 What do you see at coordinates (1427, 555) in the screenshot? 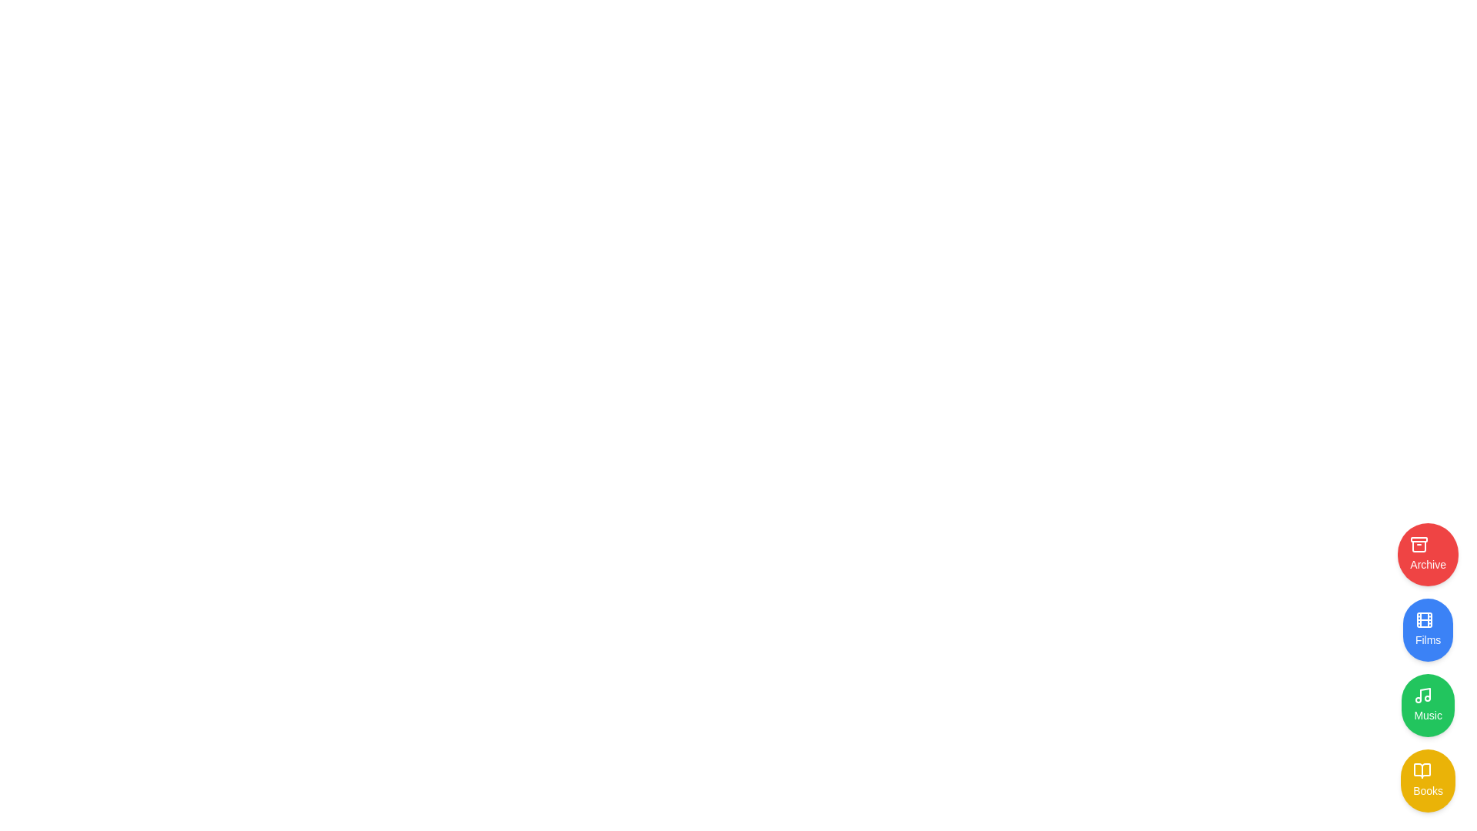
I see `the circular red button with an archive box icon and 'Archive' text` at bounding box center [1427, 555].